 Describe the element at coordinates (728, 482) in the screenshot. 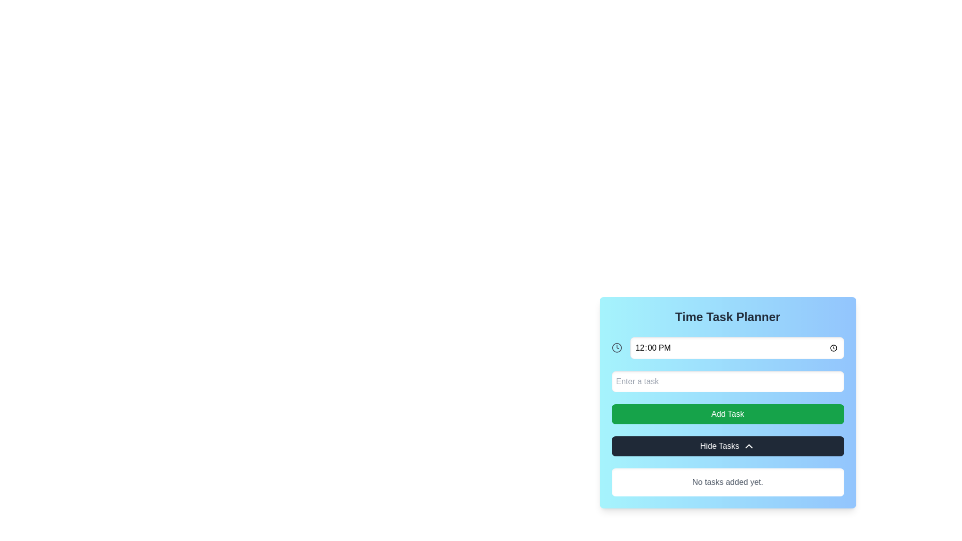

I see `the informational label indicating that there are currently no tasks in the list, located at the bottom of the vertical stack in the main content area, below the 'Hide Tasks' button` at that location.